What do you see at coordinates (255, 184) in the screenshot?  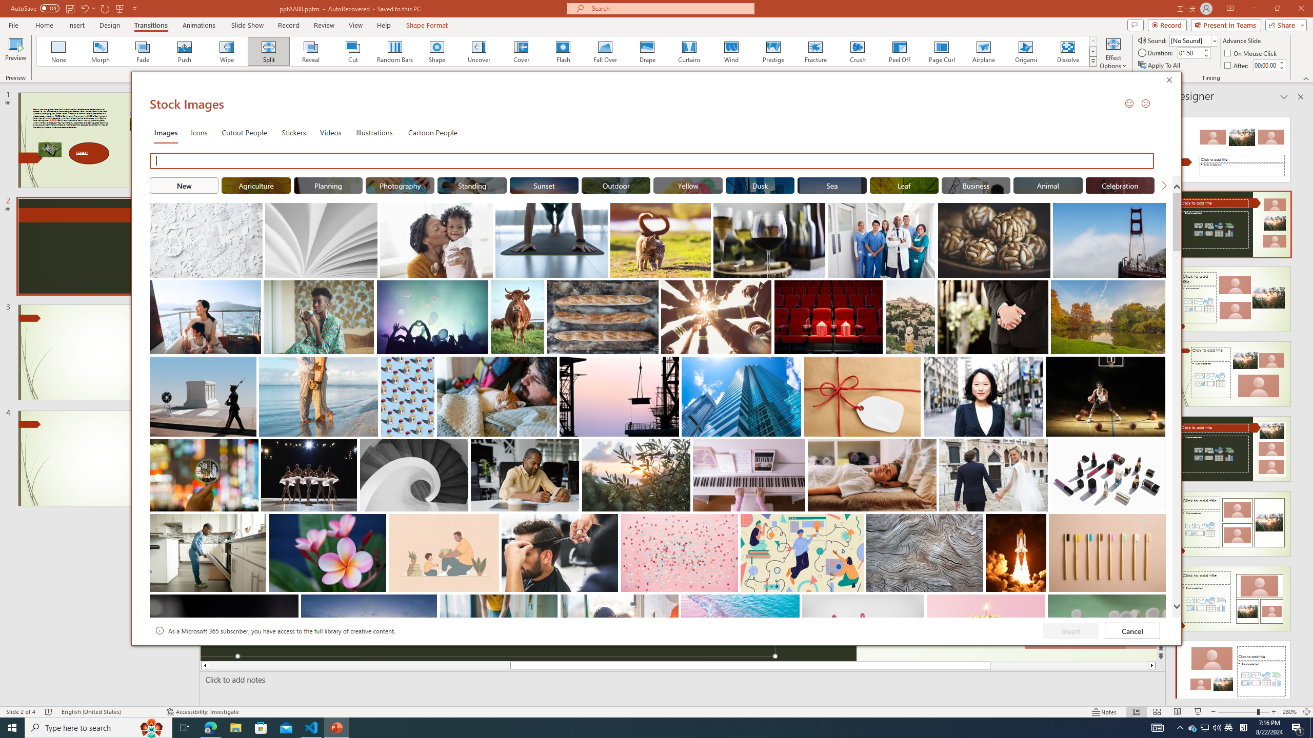 I see `'"Agriculture" Stock Images.'` at bounding box center [255, 184].